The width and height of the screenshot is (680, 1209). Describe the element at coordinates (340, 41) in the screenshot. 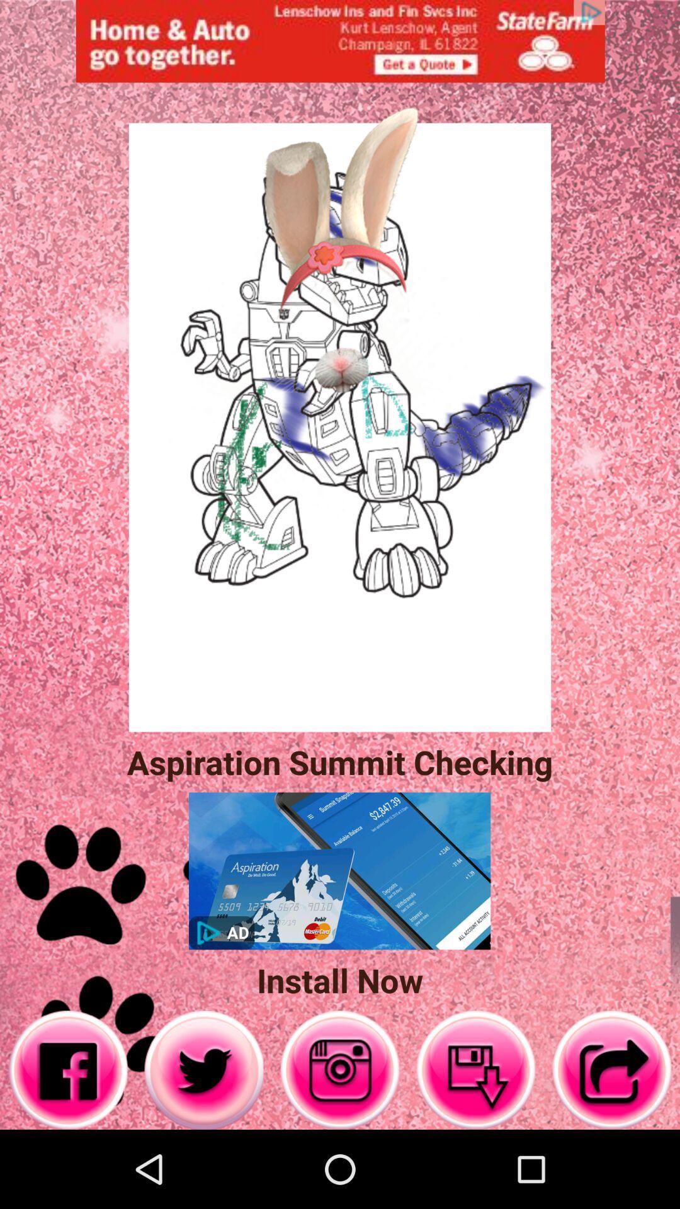

I see `open the advertisements` at that location.